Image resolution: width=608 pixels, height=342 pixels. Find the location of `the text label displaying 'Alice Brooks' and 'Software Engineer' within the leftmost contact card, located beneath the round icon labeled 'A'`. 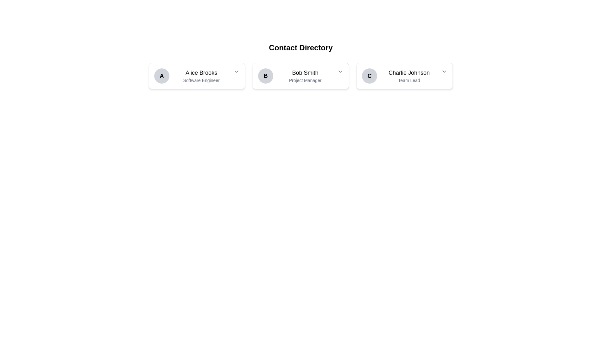

the text label displaying 'Alice Brooks' and 'Software Engineer' within the leftmost contact card, located beneath the round icon labeled 'A' is located at coordinates (201, 75).